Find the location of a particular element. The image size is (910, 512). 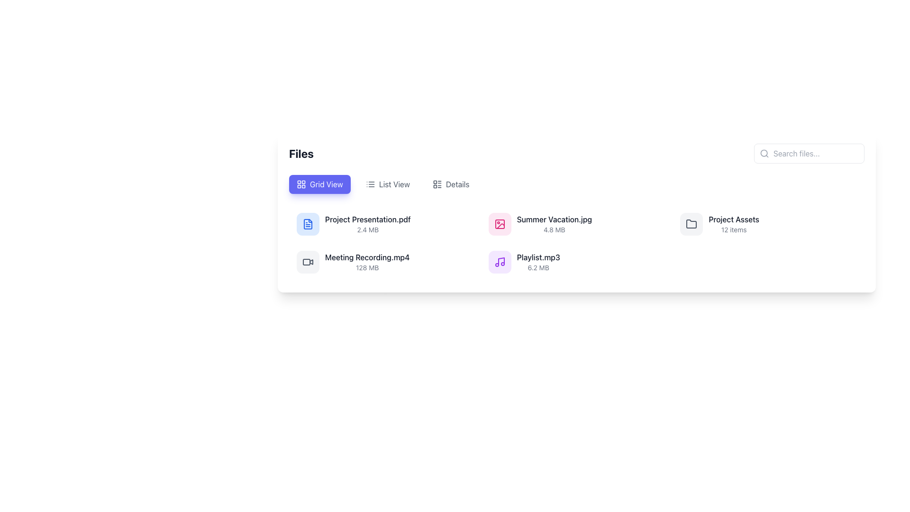

file name 'Playlist.mp3' and its size '6.2 MB' from the text label displayed in bold on a dark gray background, located in the grid layout adjacent to a musical note icon is located at coordinates (538, 262).